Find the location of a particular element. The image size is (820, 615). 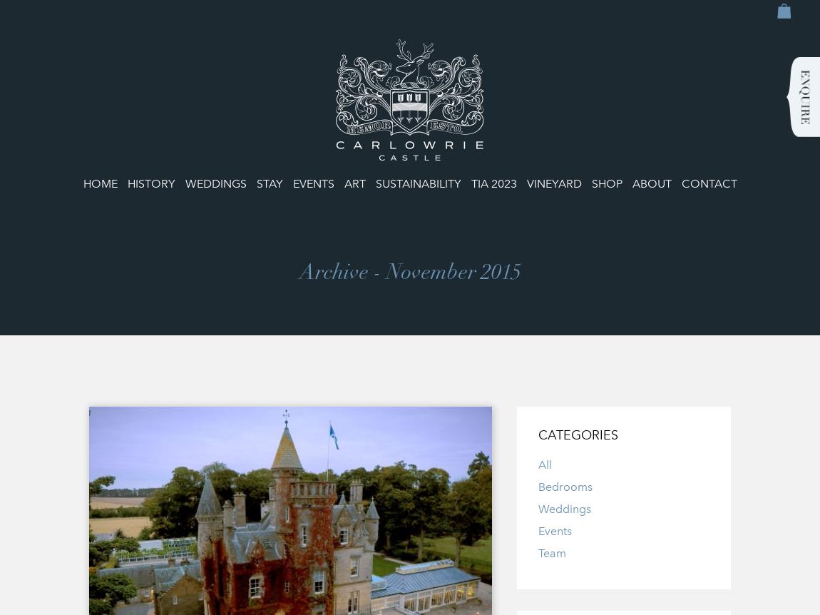

'About' is located at coordinates (631, 183).